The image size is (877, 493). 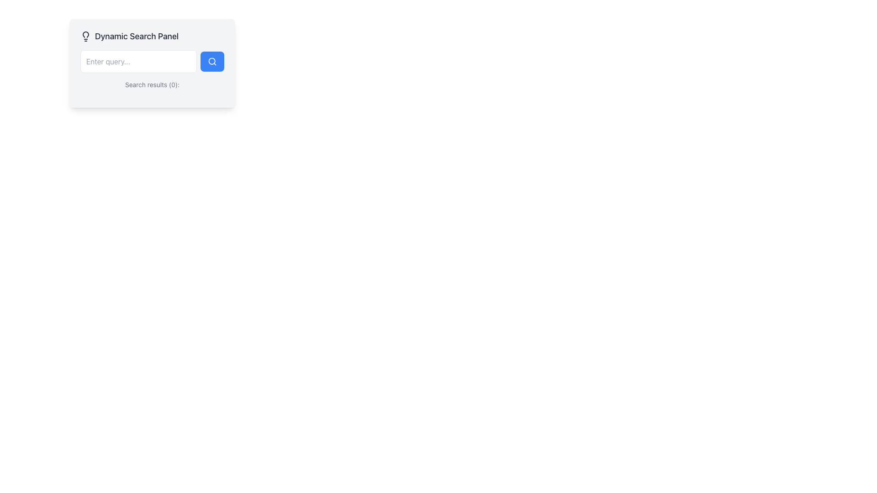 I want to click on the circular magnifying glass icon that represents the search functionality, which is styled in white on a blue square background, located on the right side of the search input field, so click(x=212, y=62).